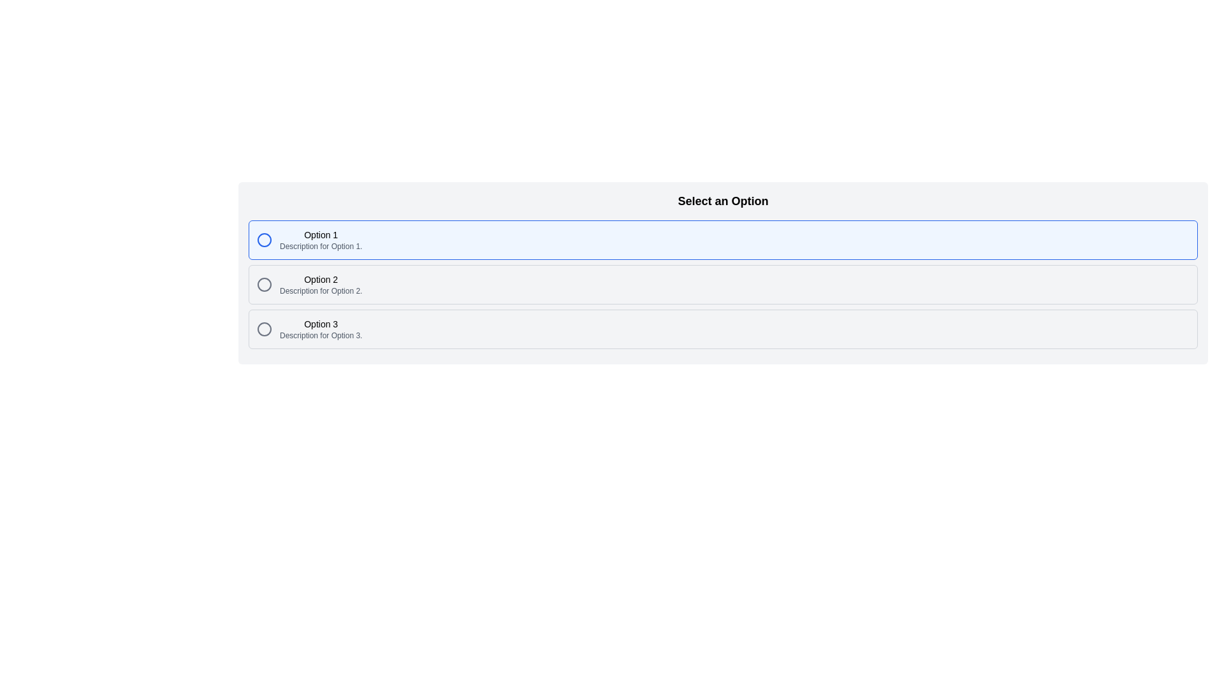 Image resolution: width=1224 pixels, height=688 pixels. What do you see at coordinates (263, 328) in the screenshot?
I see `the circular radio button indicator` at bounding box center [263, 328].